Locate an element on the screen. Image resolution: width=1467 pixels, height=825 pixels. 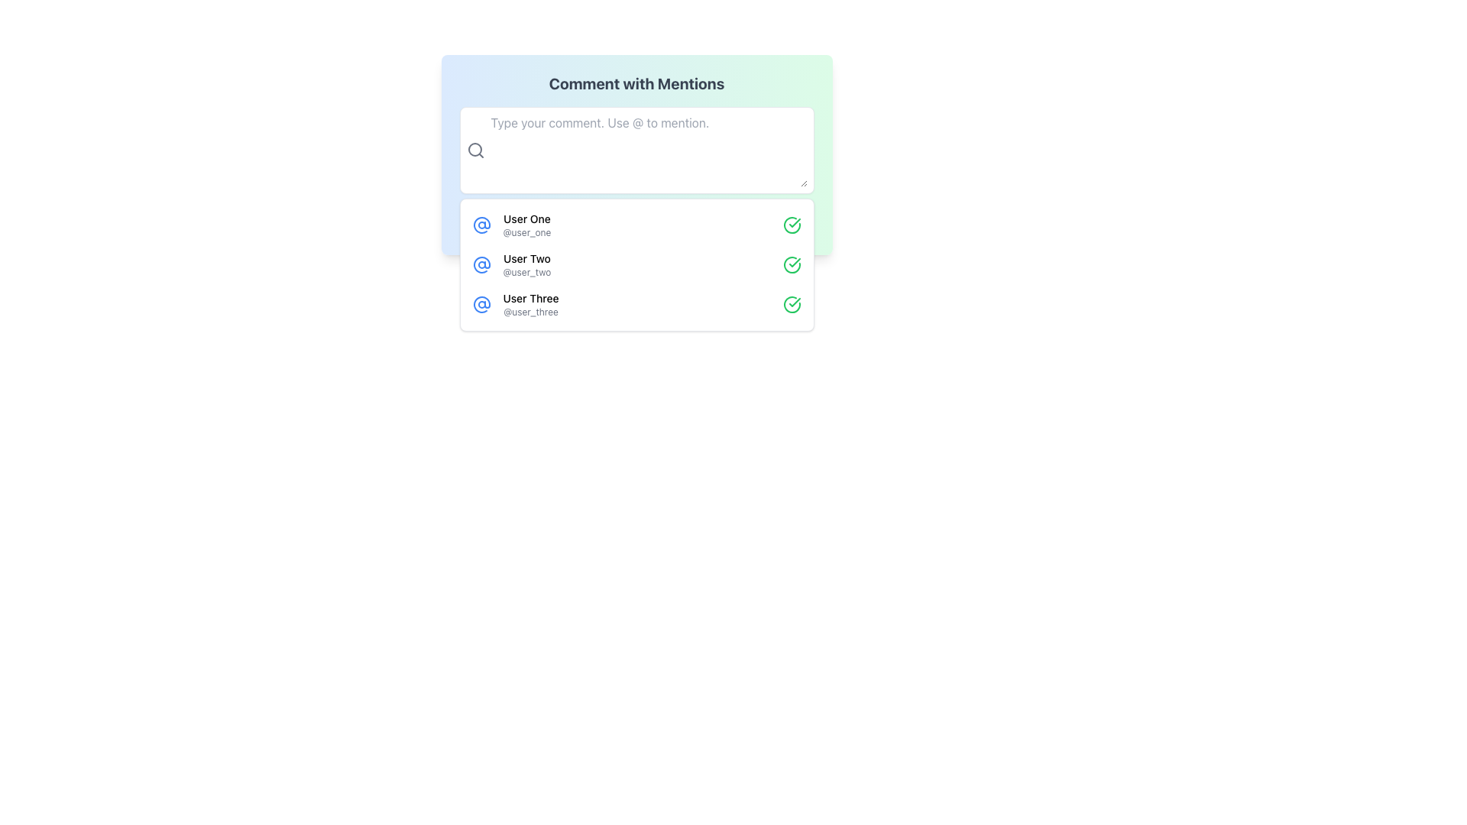
the label displaying the text '@user_two', which is styled in small gray font and located beneath the 'User Two' element in the user details list is located at coordinates (526, 272).